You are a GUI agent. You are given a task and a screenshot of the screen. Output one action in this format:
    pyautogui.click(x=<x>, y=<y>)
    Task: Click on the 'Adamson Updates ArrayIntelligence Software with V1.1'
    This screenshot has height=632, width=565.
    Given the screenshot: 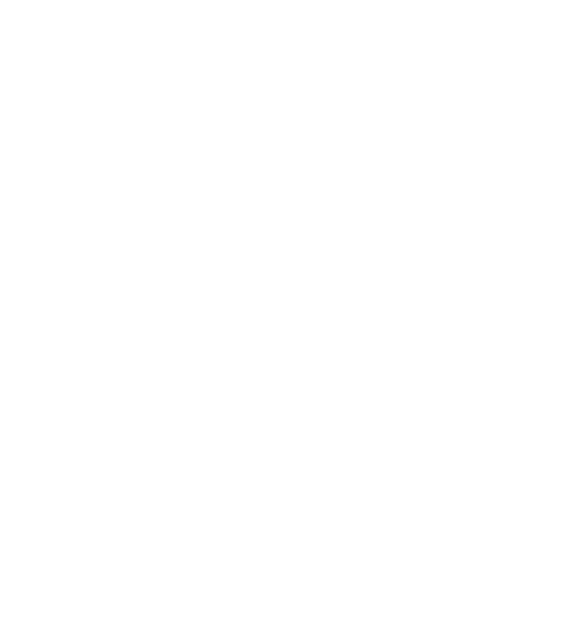 What is the action you would take?
    pyautogui.click(x=231, y=210)
    